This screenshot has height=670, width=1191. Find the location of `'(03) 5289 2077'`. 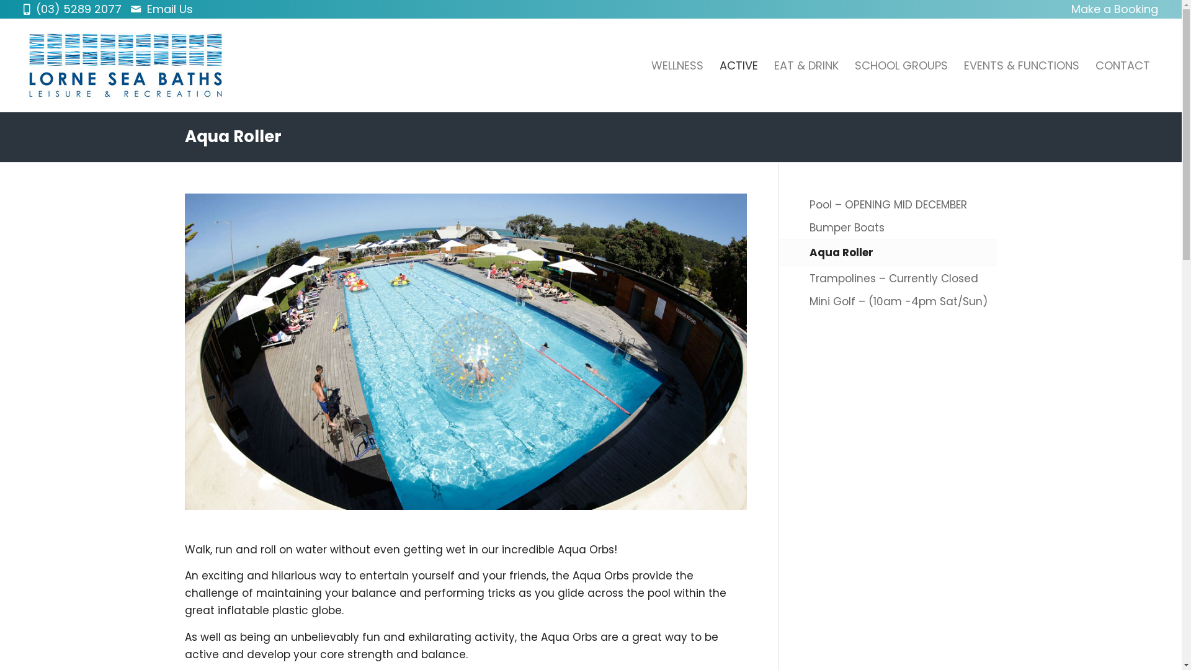

'(03) 5289 2077' is located at coordinates (81, 9).